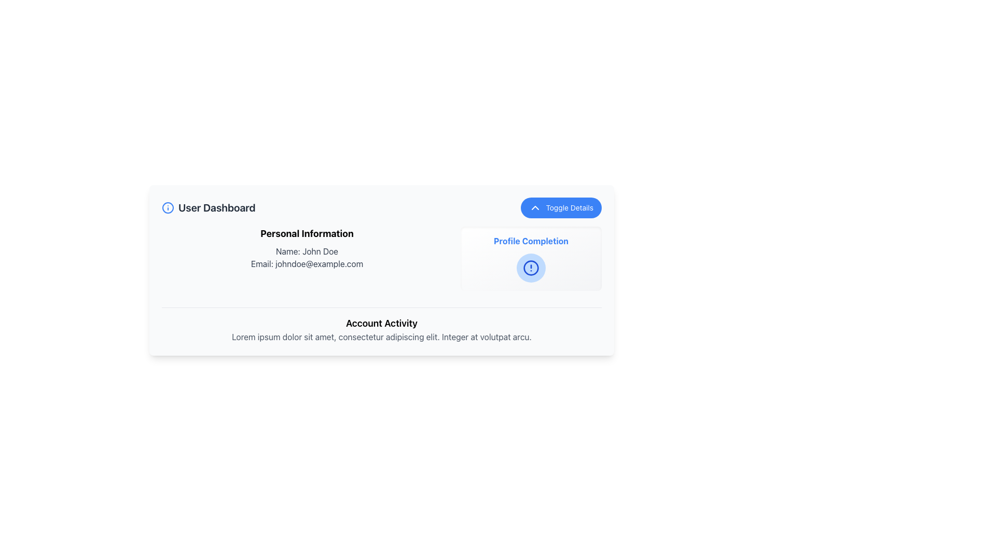 The height and width of the screenshot is (560, 996). Describe the element at coordinates (381, 320) in the screenshot. I see `the Informational text block that displays account activity information, located beneath 'Personal Information' and 'Profile Completion'` at that location.